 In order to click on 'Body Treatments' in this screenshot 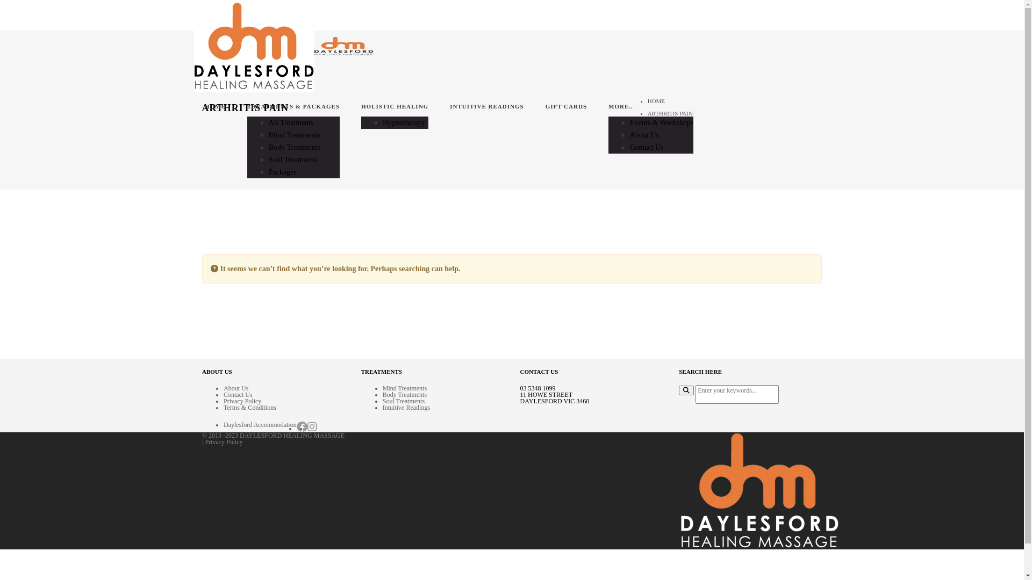, I will do `click(404, 395)`.